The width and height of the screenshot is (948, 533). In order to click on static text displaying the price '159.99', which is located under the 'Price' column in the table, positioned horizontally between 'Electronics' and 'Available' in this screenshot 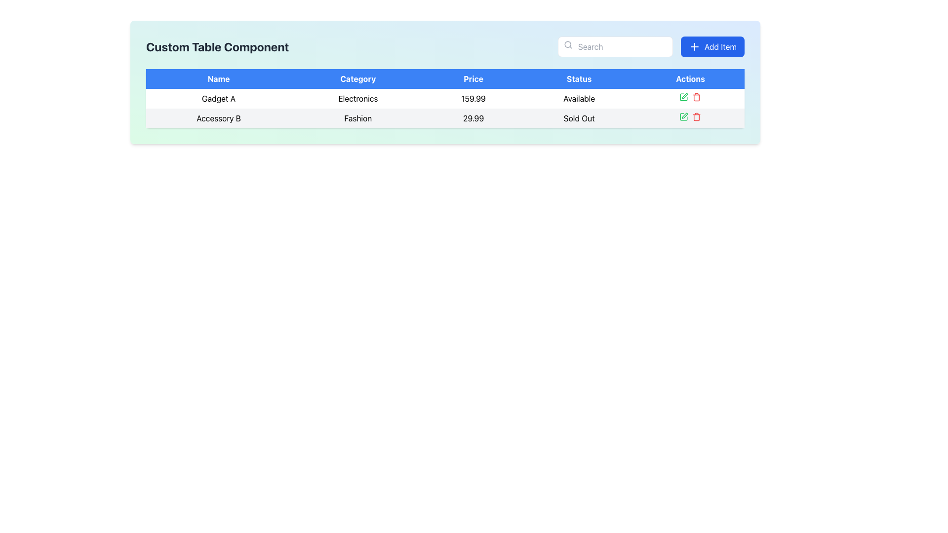, I will do `click(473, 99)`.